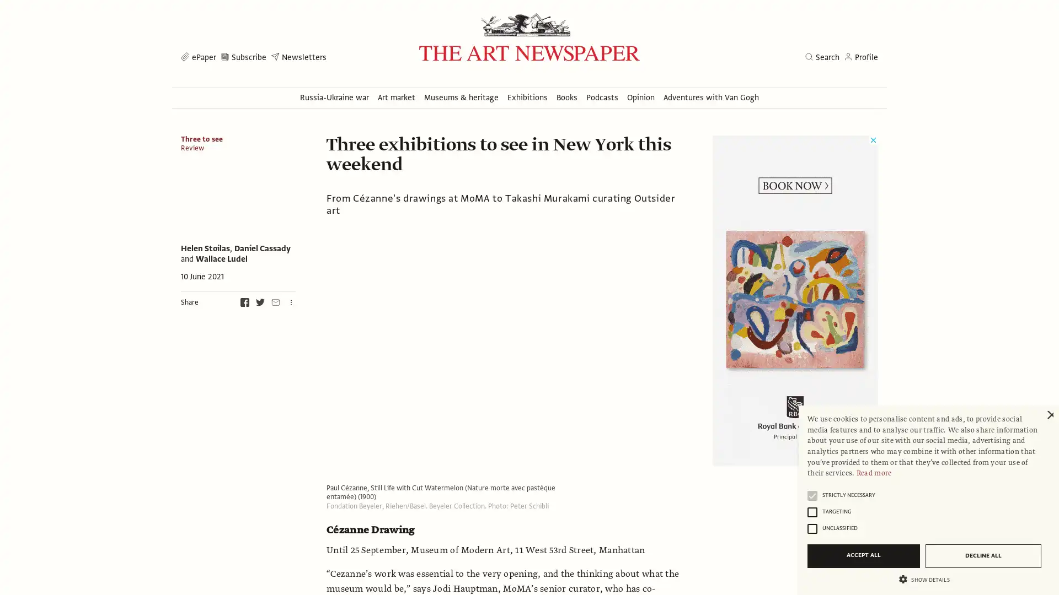  I want to click on SHOW DETAILS, so click(924, 578).